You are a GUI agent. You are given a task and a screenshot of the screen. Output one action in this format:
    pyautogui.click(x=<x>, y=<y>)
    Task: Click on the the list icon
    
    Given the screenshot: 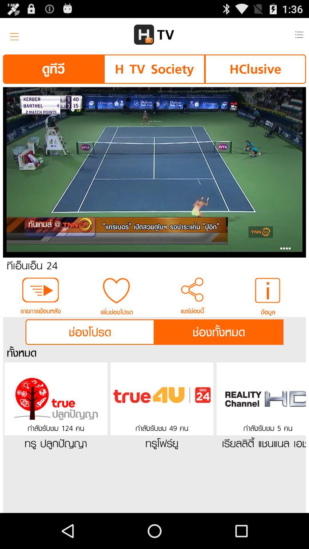 What is the action you would take?
    pyautogui.click(x=298, y=37)
    